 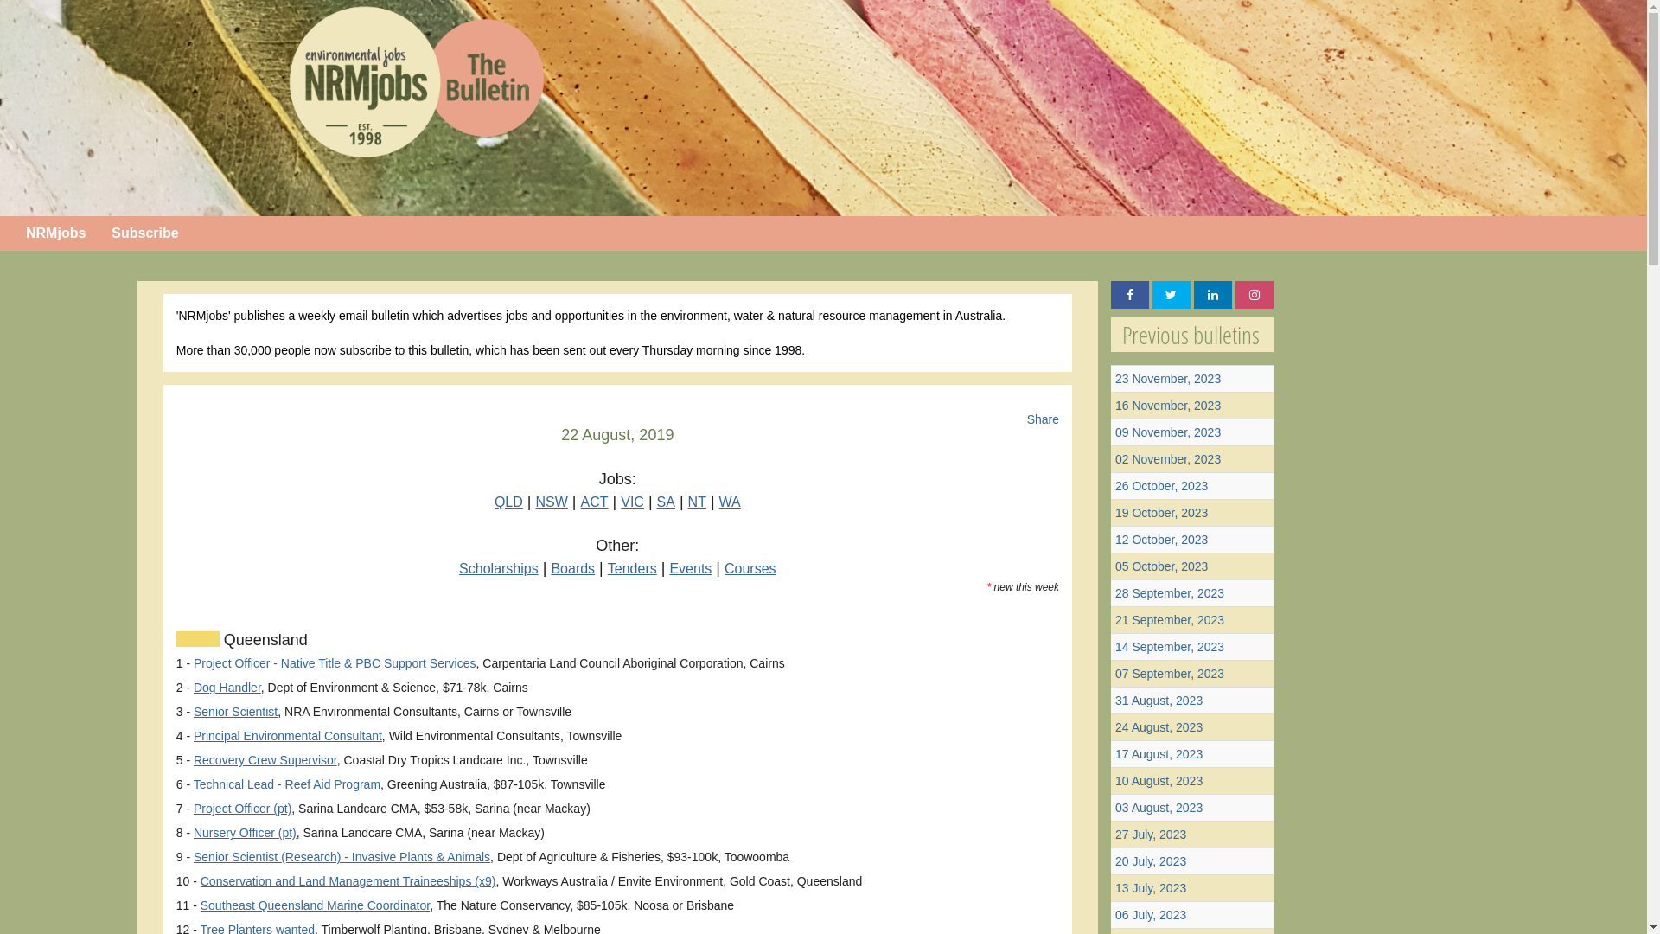 What do you see at coordinates (1150, 833) in the screenshot?
I see `'27 July, 2023'` at bounding box center [1150, 833].